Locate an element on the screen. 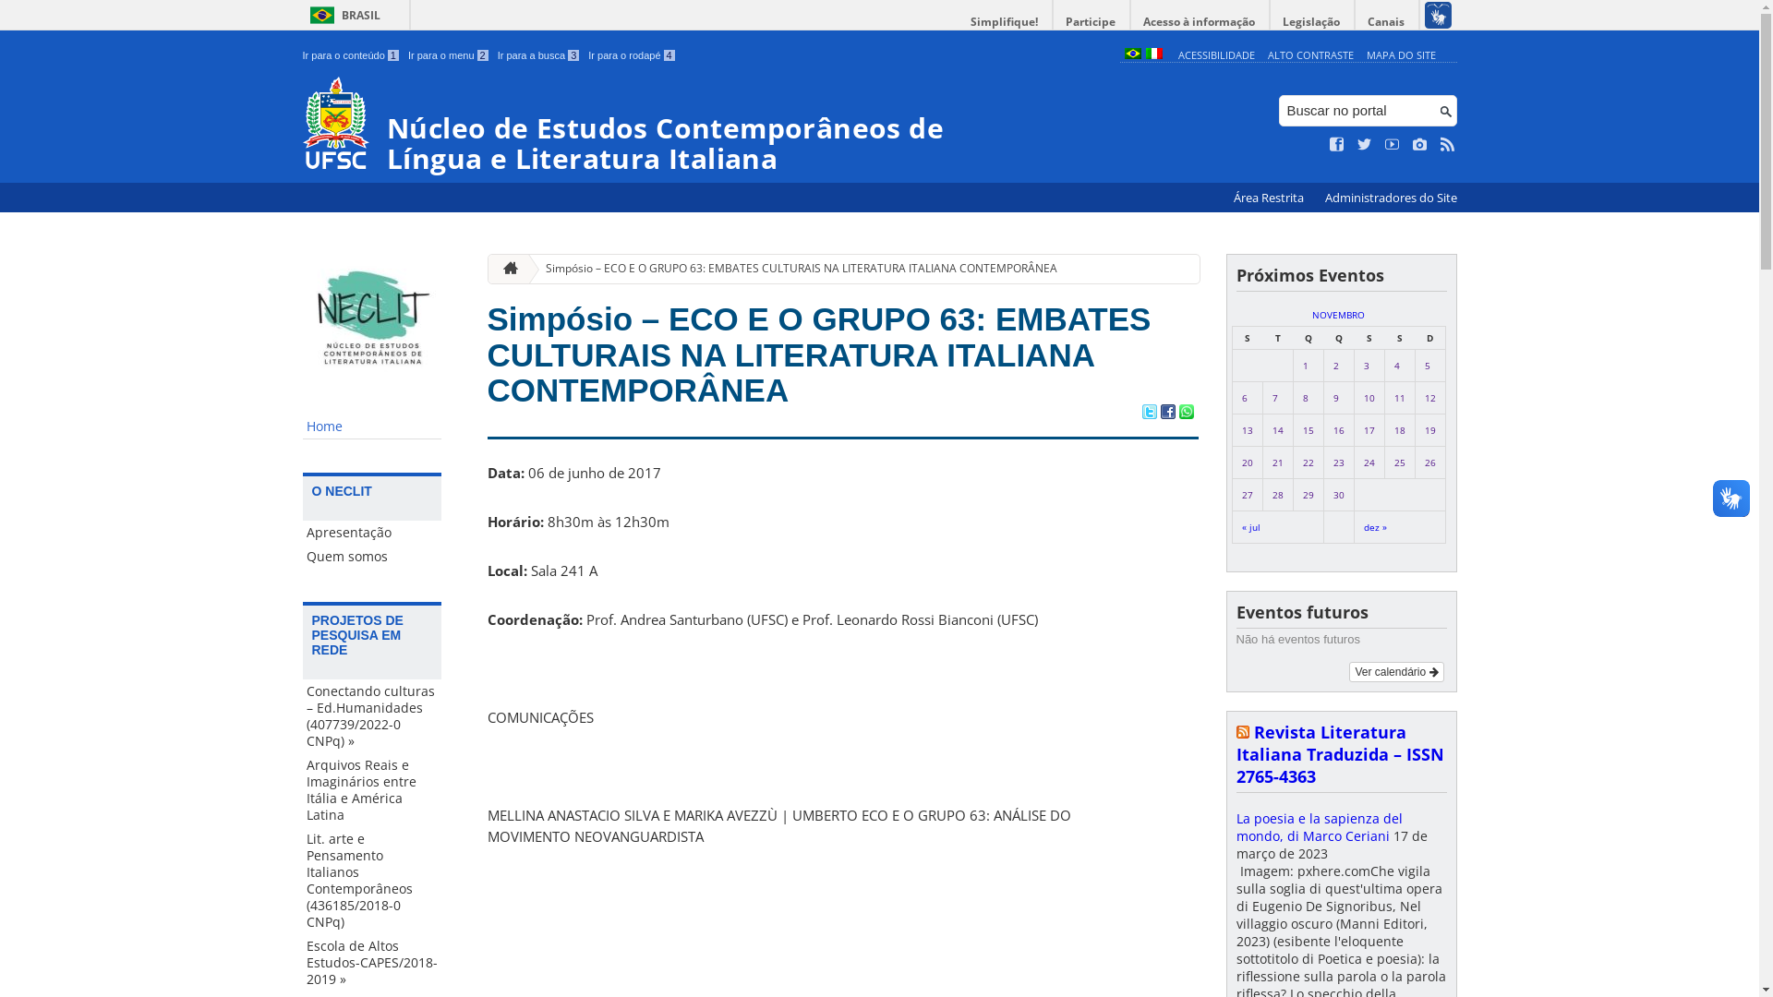 Image resolution: width=1773 pixels, height=997 pixels. 'BRASIL' is located at coordinates (342, 15).